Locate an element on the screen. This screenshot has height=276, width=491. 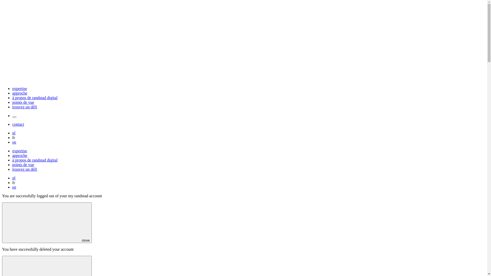
'en' is located at coordinates (14, 142).